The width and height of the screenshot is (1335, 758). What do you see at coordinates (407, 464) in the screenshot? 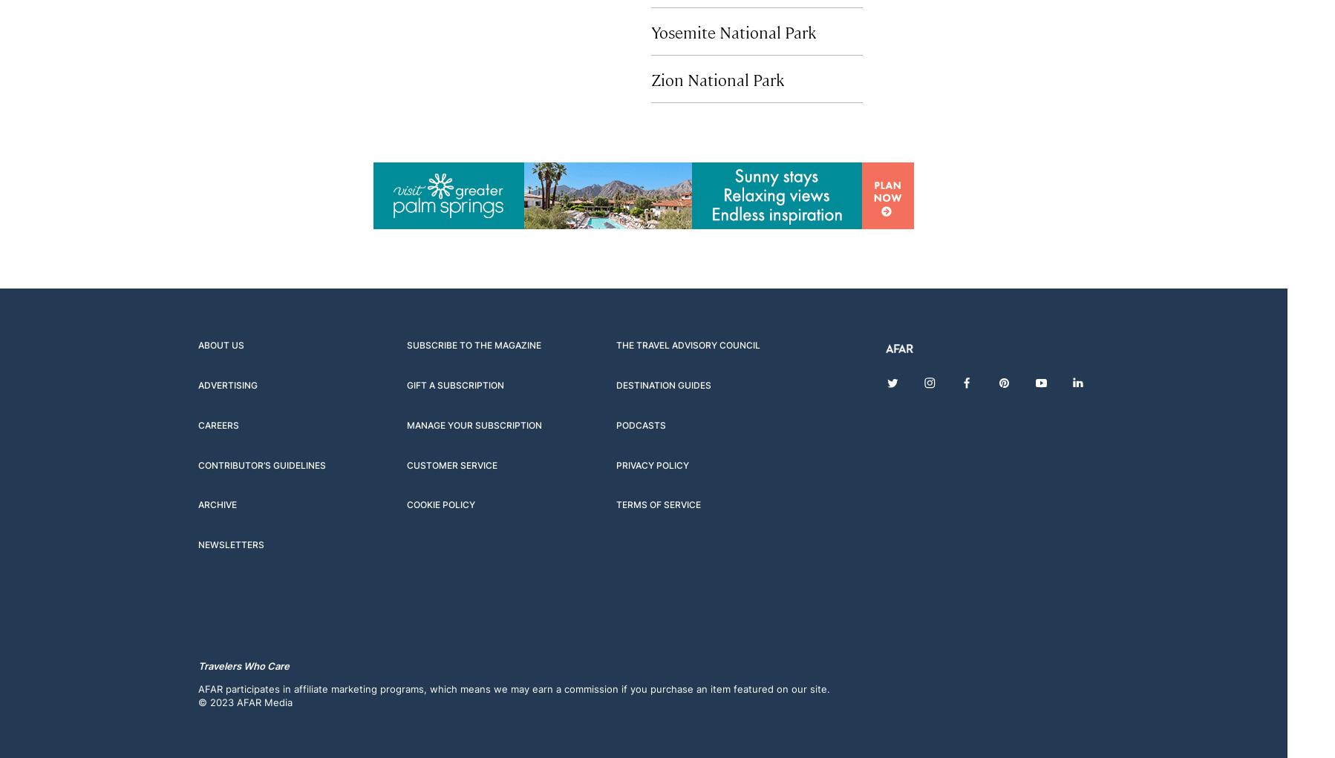
I see `'Customer Service'` at bounding box center [407, 464].